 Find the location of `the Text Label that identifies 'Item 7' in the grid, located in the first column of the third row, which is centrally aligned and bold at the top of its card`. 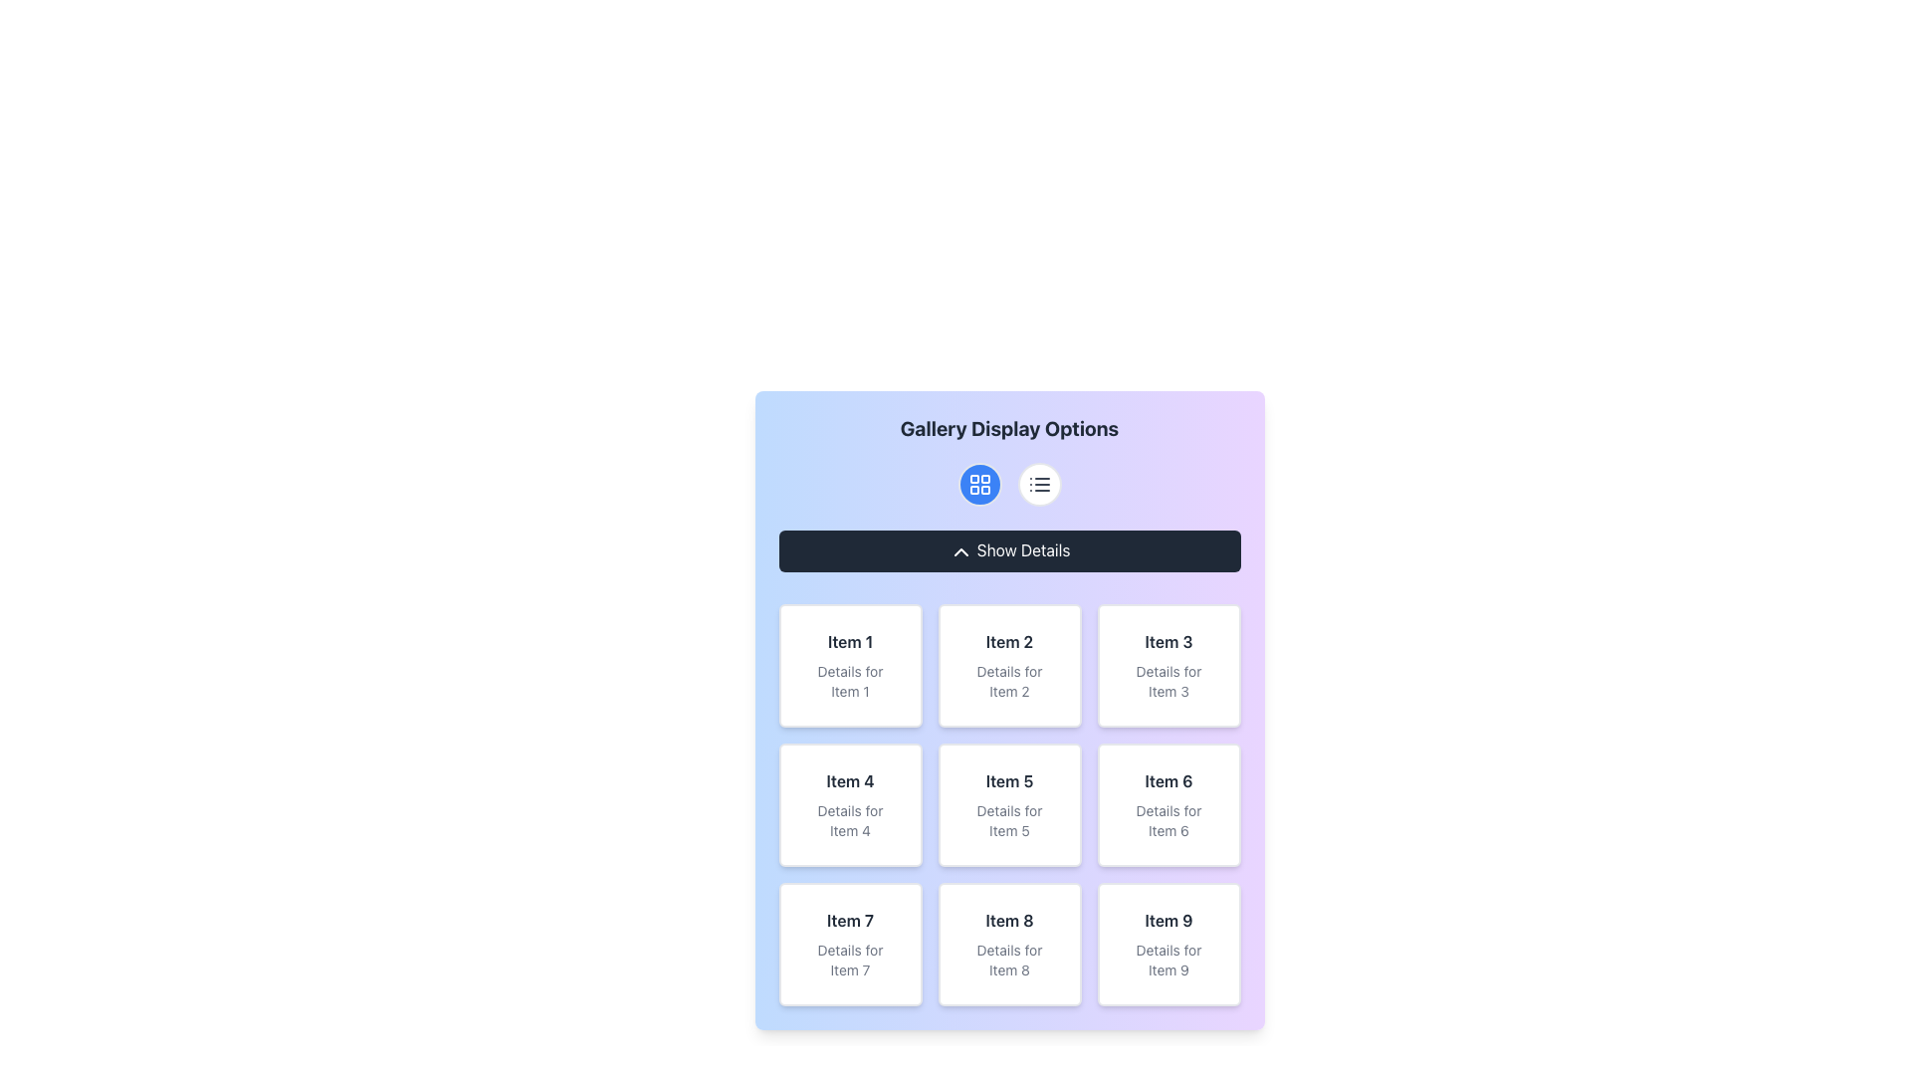

the Text Label that identifies 'Item 7' in the grid, located in the first column of the third row, which is centrally aligned and bold at the top of its card is located at coordinates (850, 920).